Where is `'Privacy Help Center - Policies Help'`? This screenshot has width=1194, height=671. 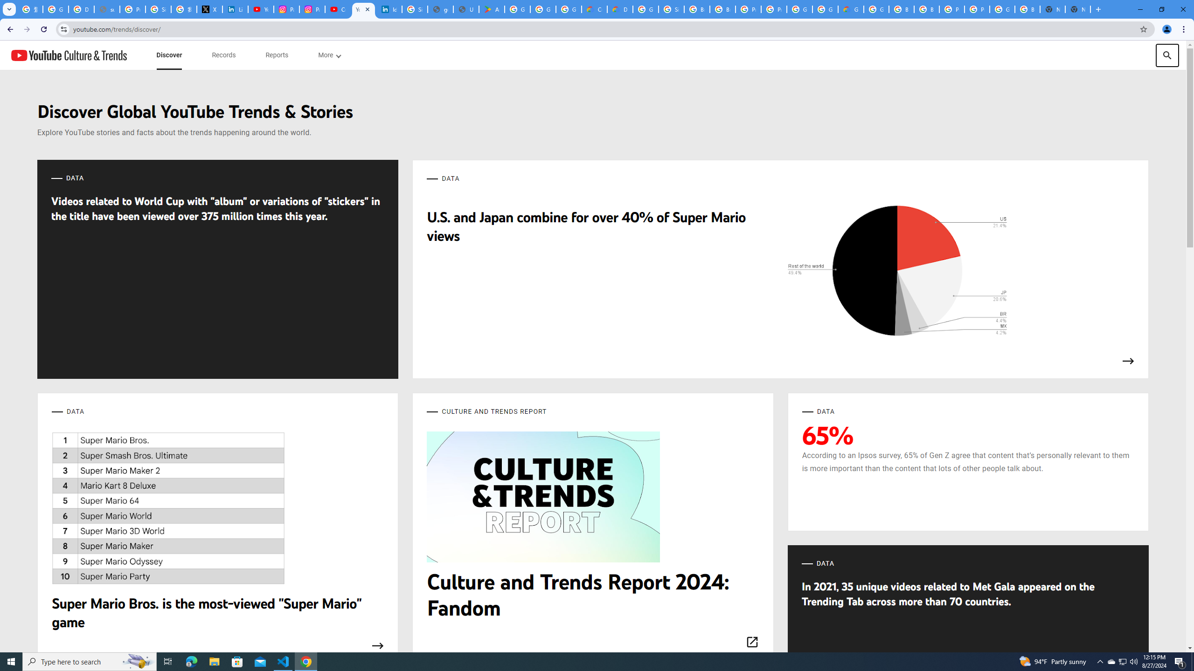
'Privacy Help Center - Policies Help' is located at coordinates (132, 9).